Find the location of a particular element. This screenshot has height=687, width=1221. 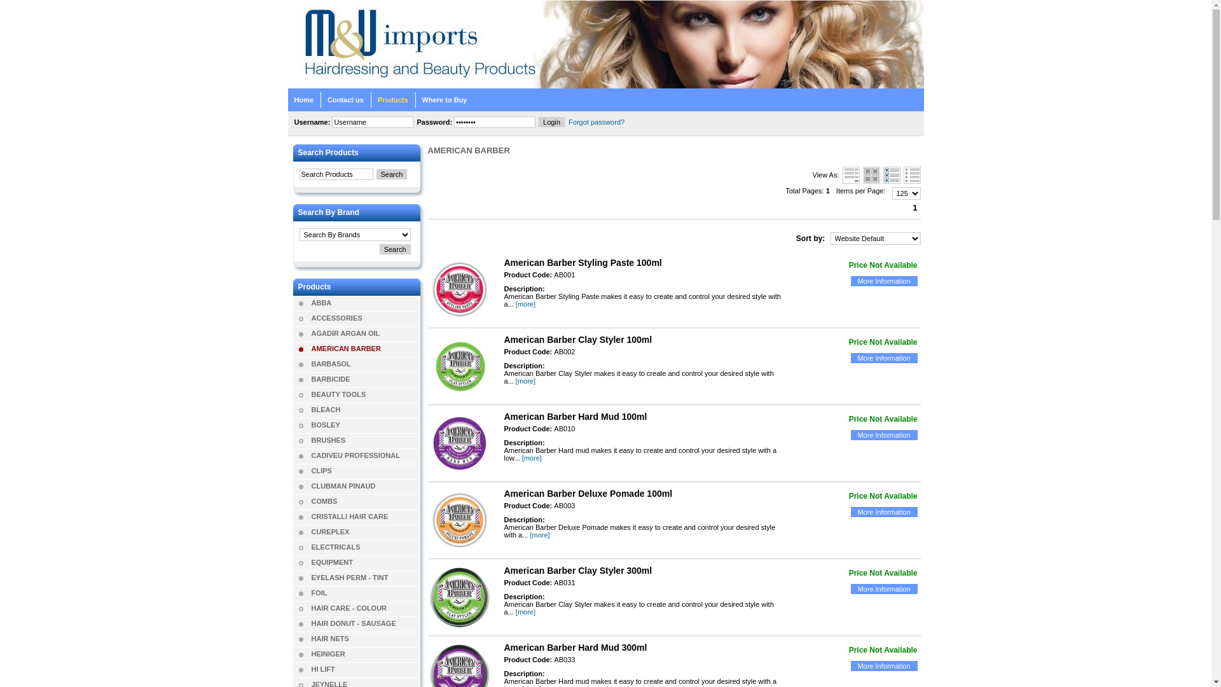

'AMERICAN BARBER' is located at coordinates (364, 348).